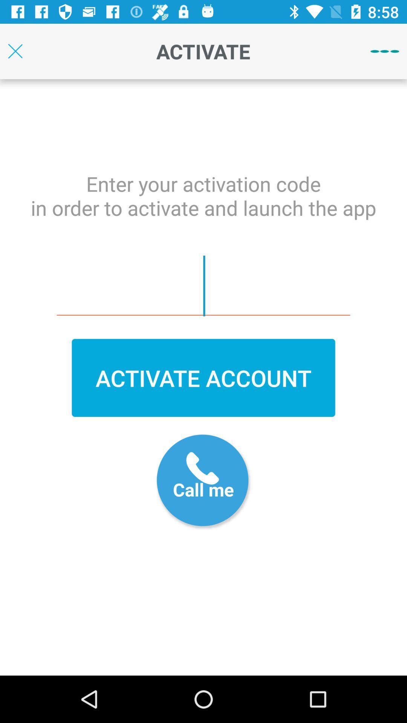  What do you see at coordinates (203, 482) in the screenshot?
I see `call button` at bounding box center [203, 482].